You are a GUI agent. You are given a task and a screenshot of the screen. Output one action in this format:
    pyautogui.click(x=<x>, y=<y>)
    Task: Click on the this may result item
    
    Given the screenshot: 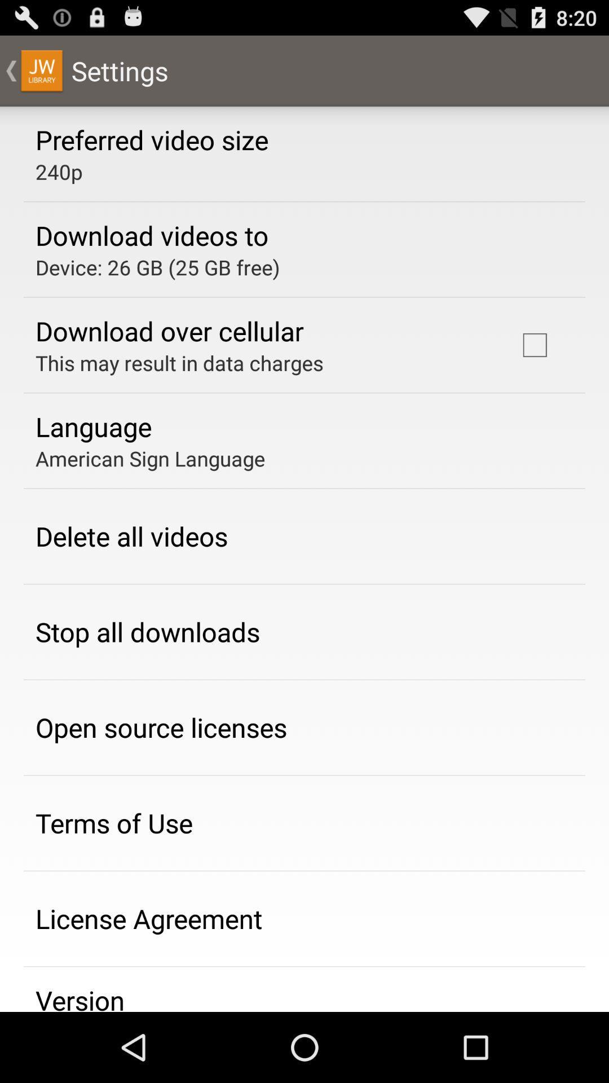 What is the action you would take?
    pyautogui.click(x=179, y=363)
    